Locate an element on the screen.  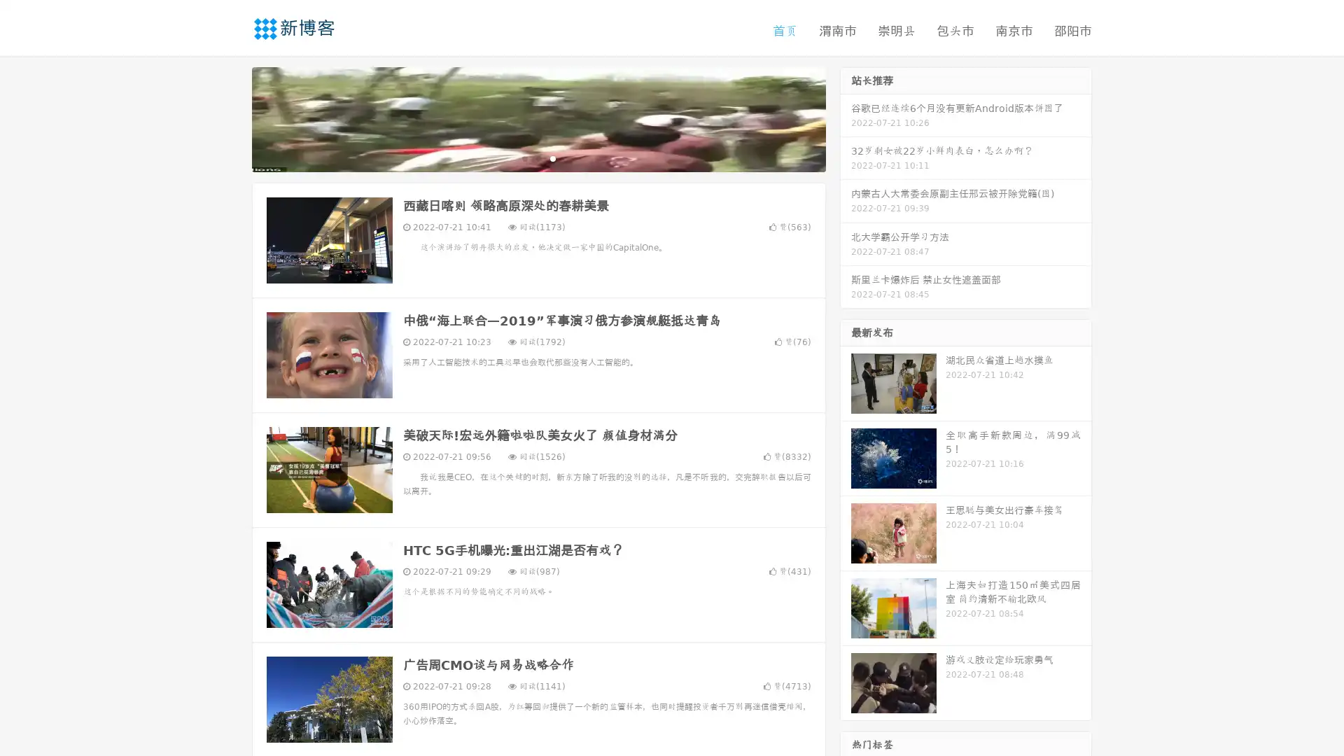
Go to slide 3 is located at coordinates (552, 157).